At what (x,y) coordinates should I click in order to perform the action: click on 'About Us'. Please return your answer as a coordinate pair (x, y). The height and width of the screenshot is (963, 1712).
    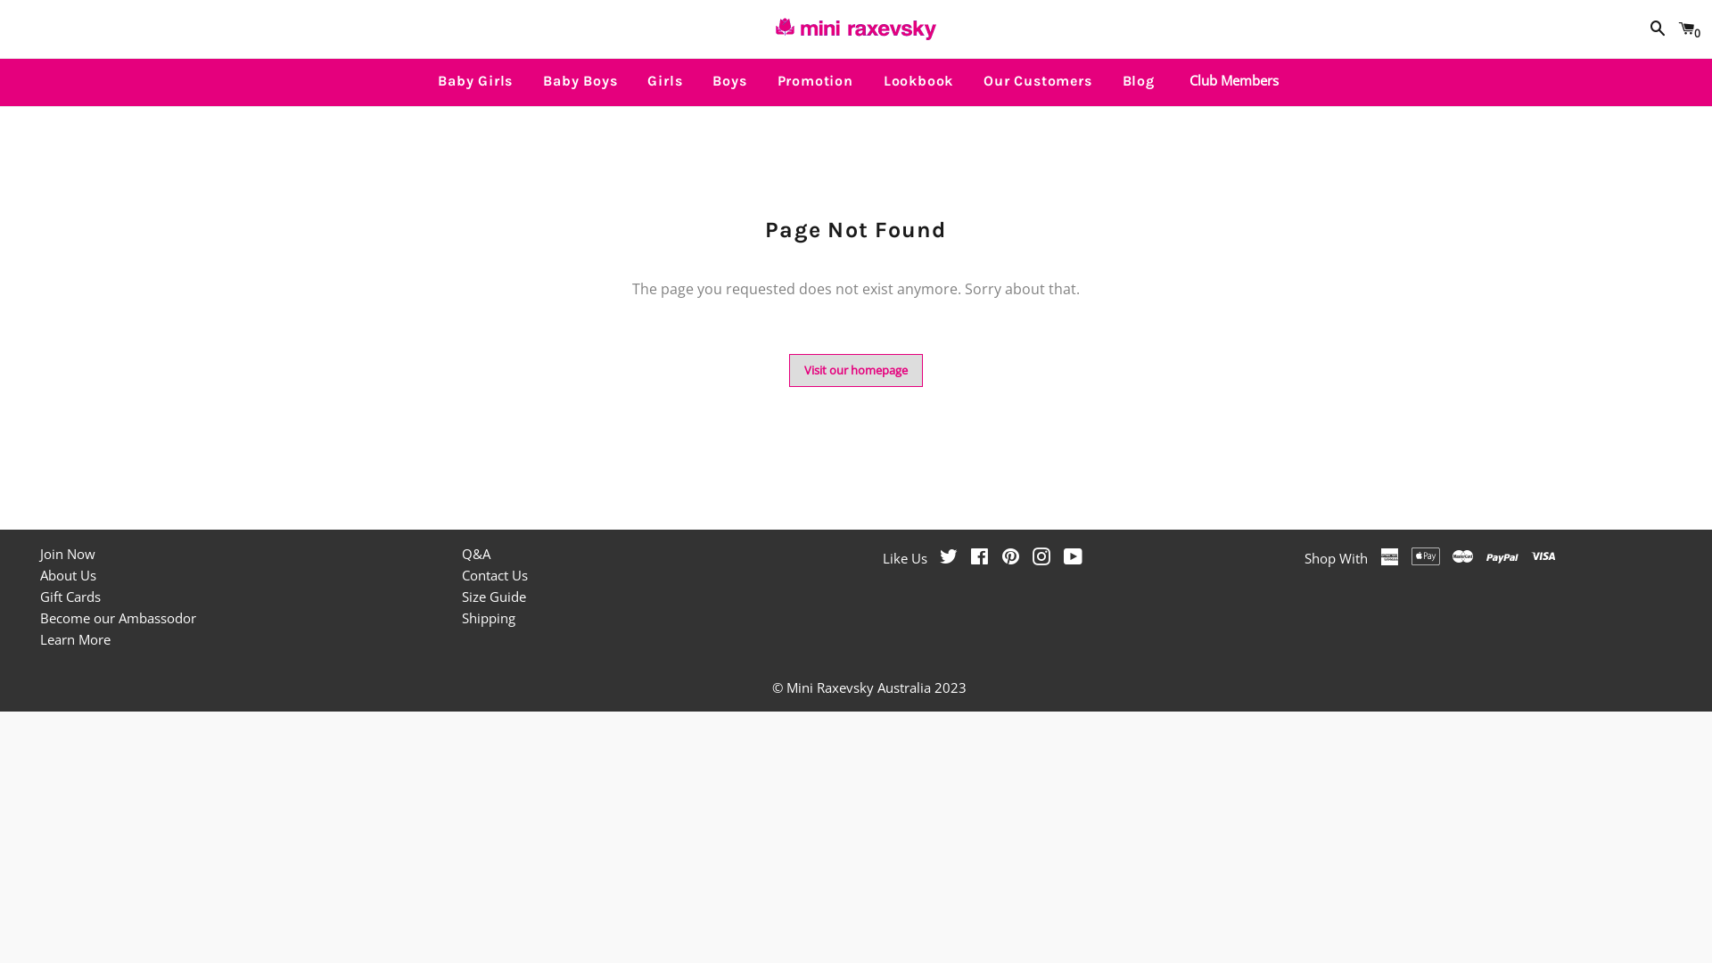
    Looking at the image, I should click on (39, 574).